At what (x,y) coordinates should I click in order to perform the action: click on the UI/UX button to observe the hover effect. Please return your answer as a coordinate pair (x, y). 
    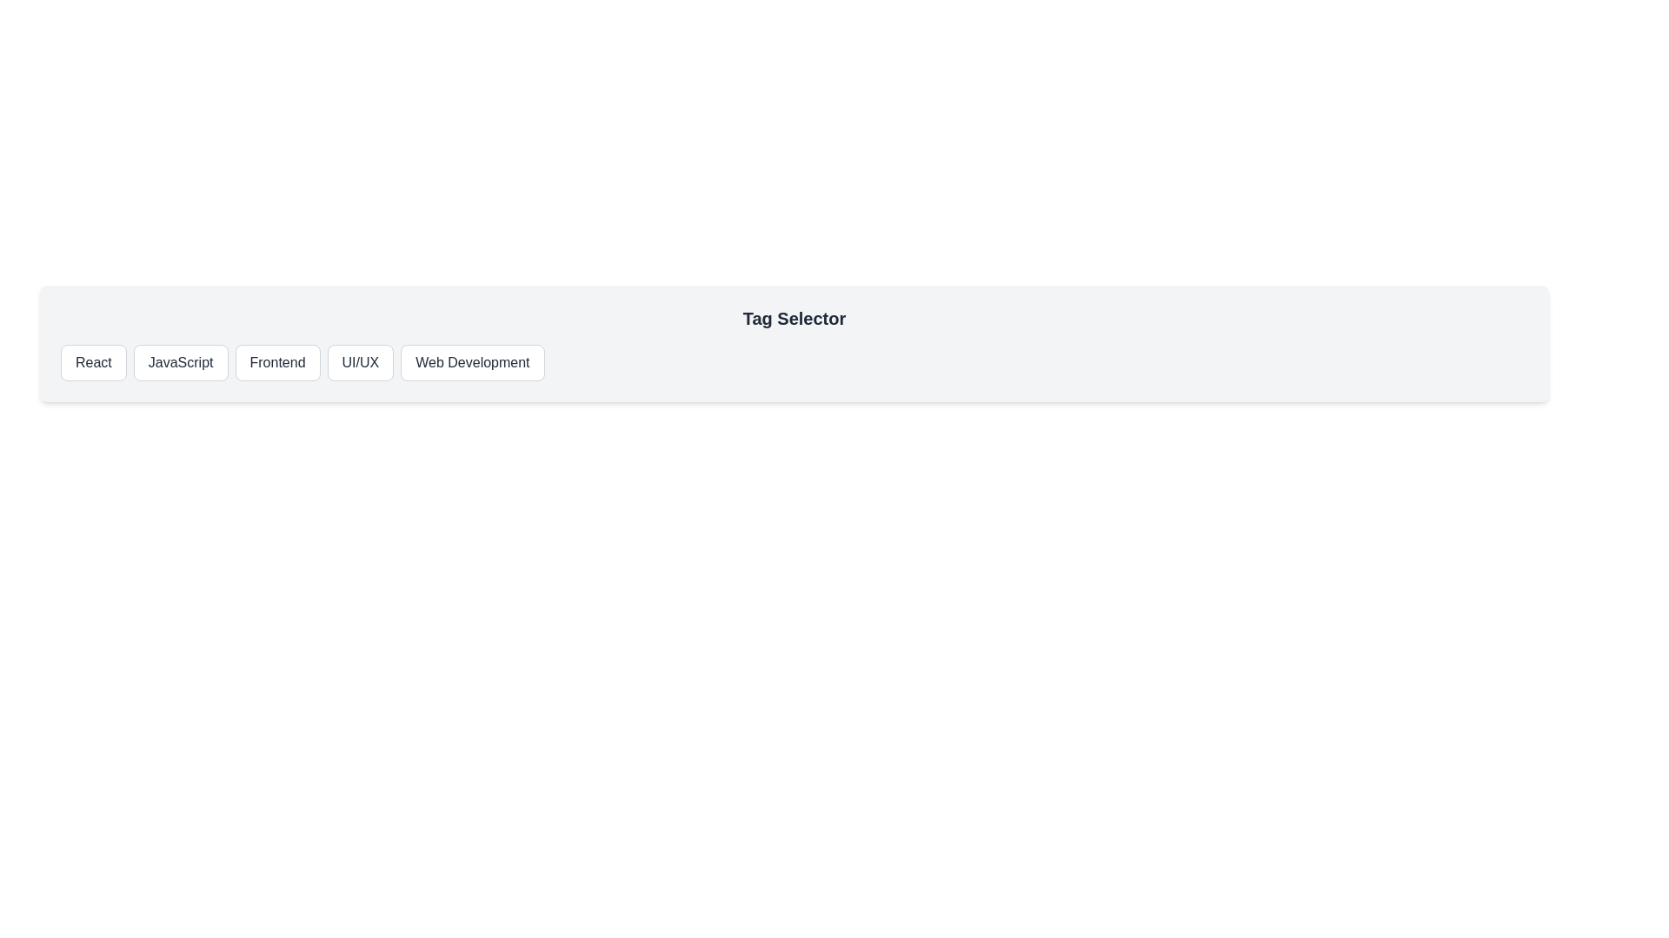
    Looking at the image, I should click on (359, 361).